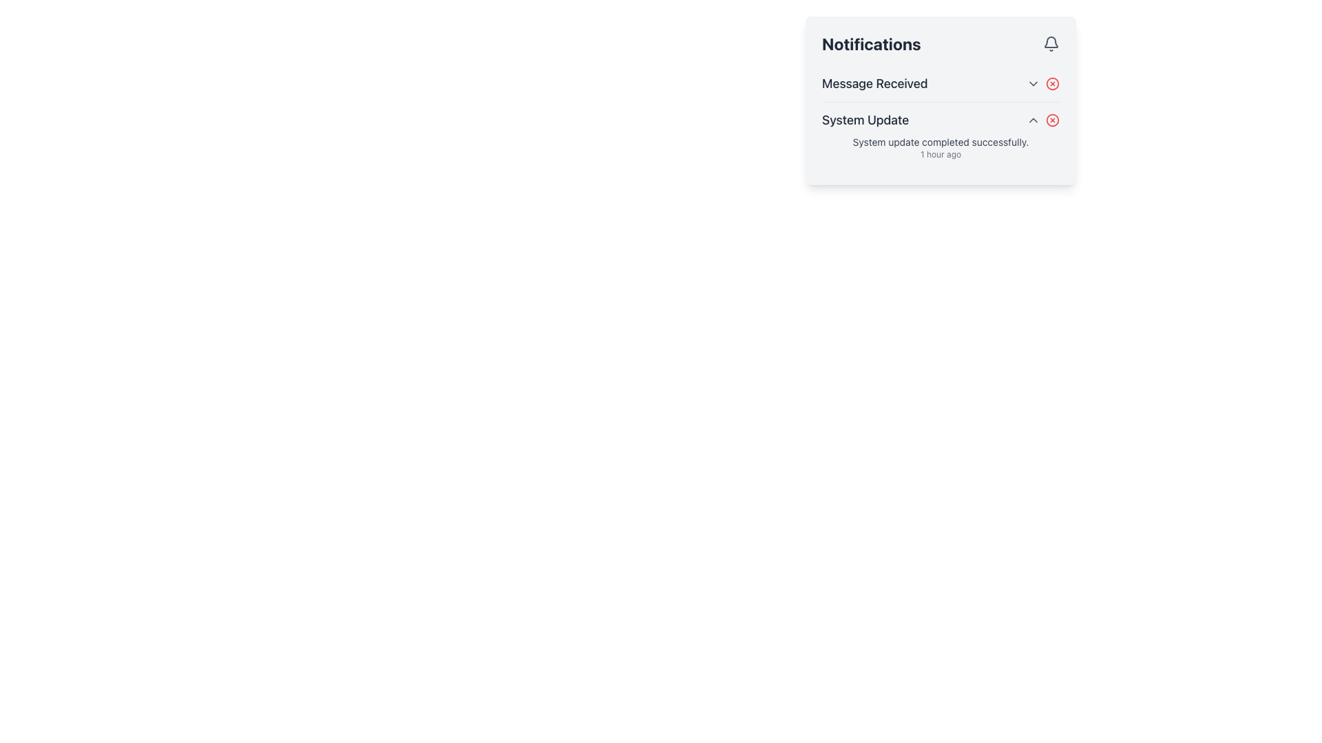 The height and width of the screenshot is (743, 1322). What do you see at coordinates (940, 84) in the screenshot?
I see `the interactive icons of the notification entry component located at the top of the notification list` at bounding box center [940, 84].